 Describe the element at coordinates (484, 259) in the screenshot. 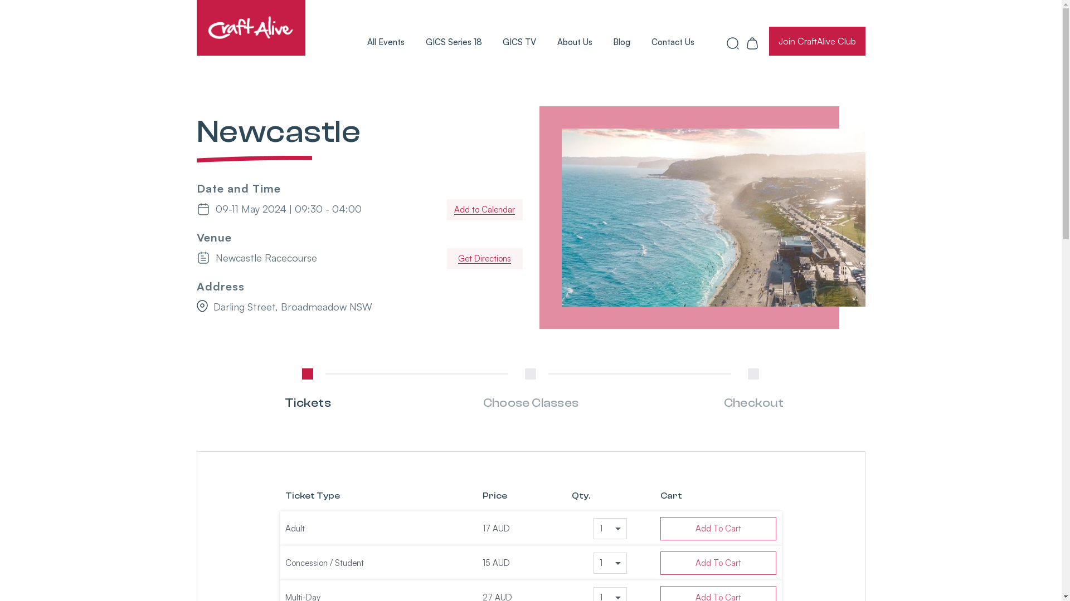

I see `'Get Directions'` at that location.